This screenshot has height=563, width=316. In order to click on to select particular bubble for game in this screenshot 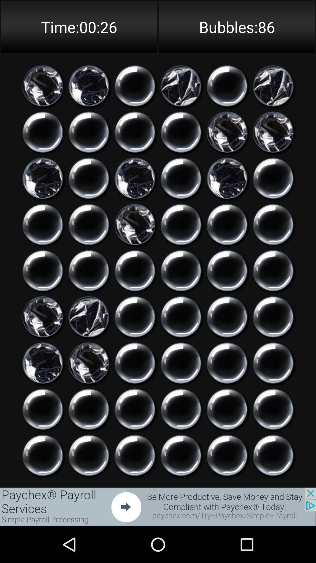, I will do `click(42, 86)`.